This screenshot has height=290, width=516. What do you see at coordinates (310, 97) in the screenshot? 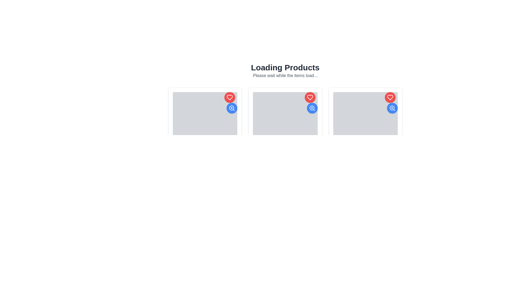
I see `the heart icon located in the top-right corner of the first rectangular item in a row of similar items to mark the item as a favorite` at bounding box center [310, 97].